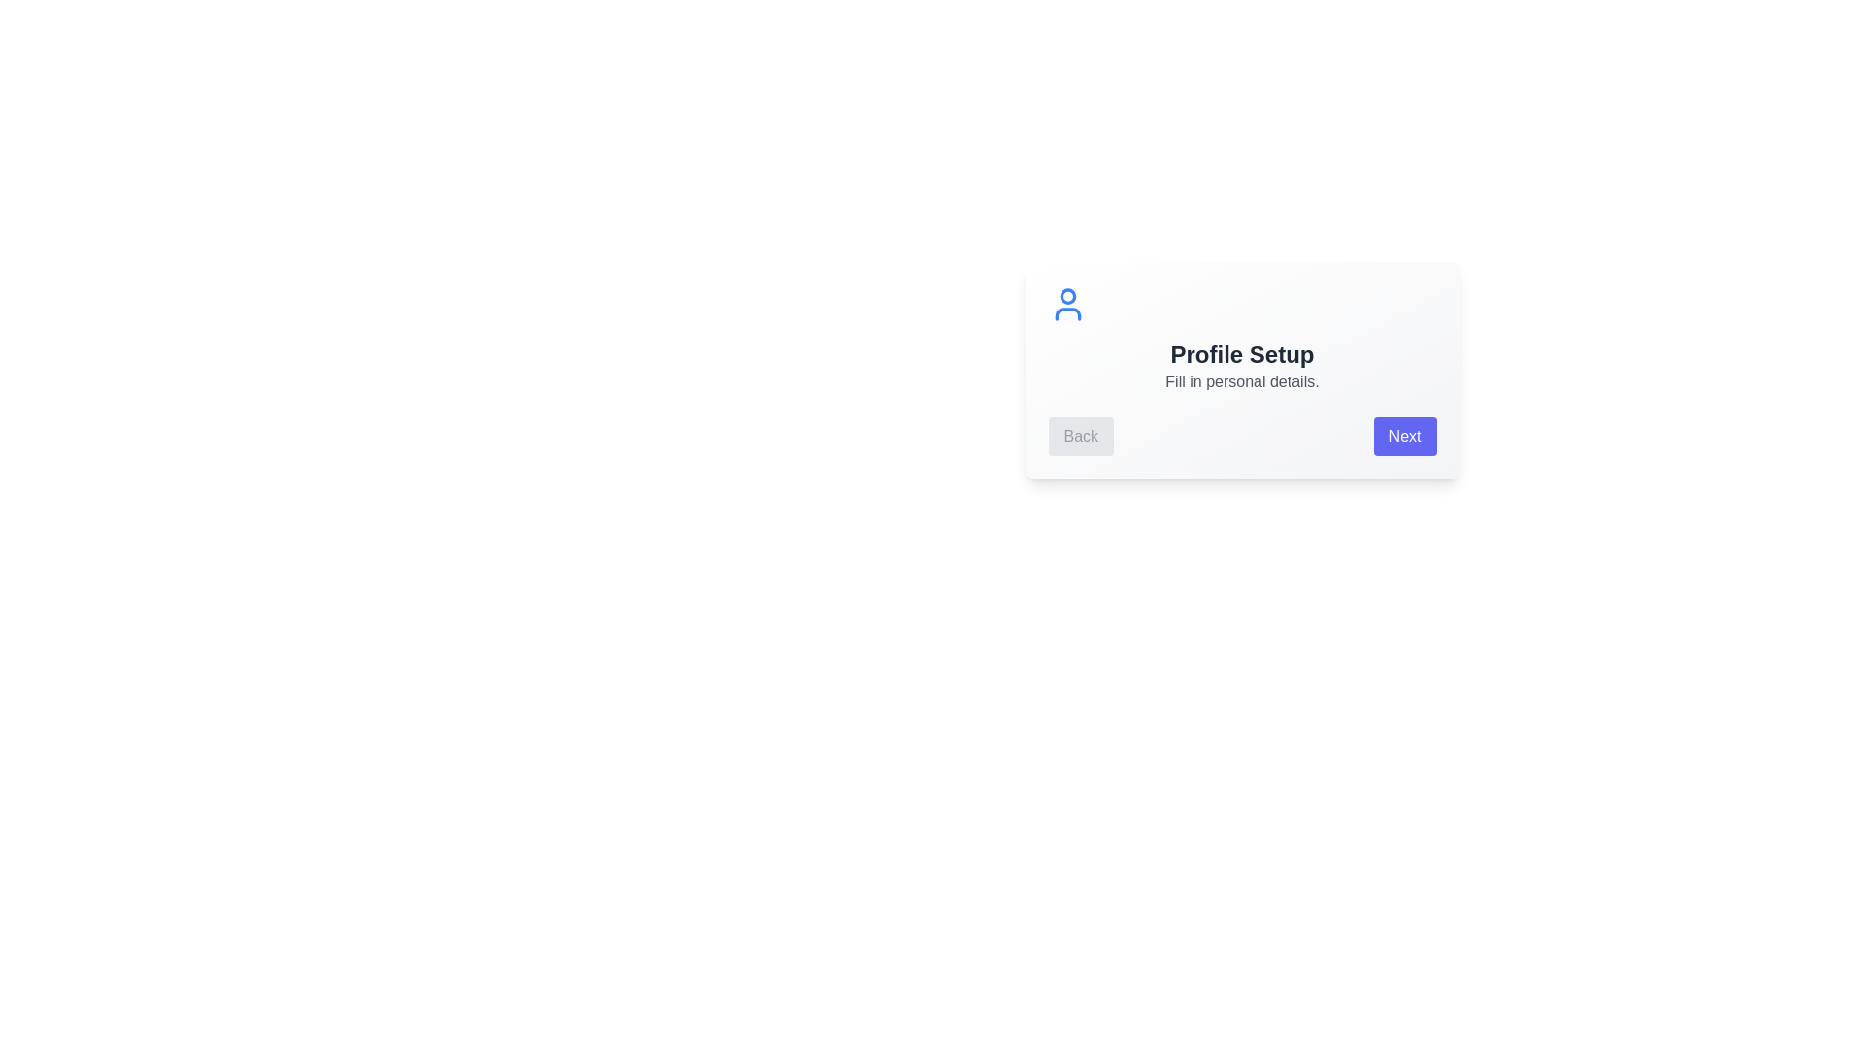 The width and height of the screenshot is (1863, 1048). I want to click on the button labeled Back to observe its hover effect, so click(1080, 437).